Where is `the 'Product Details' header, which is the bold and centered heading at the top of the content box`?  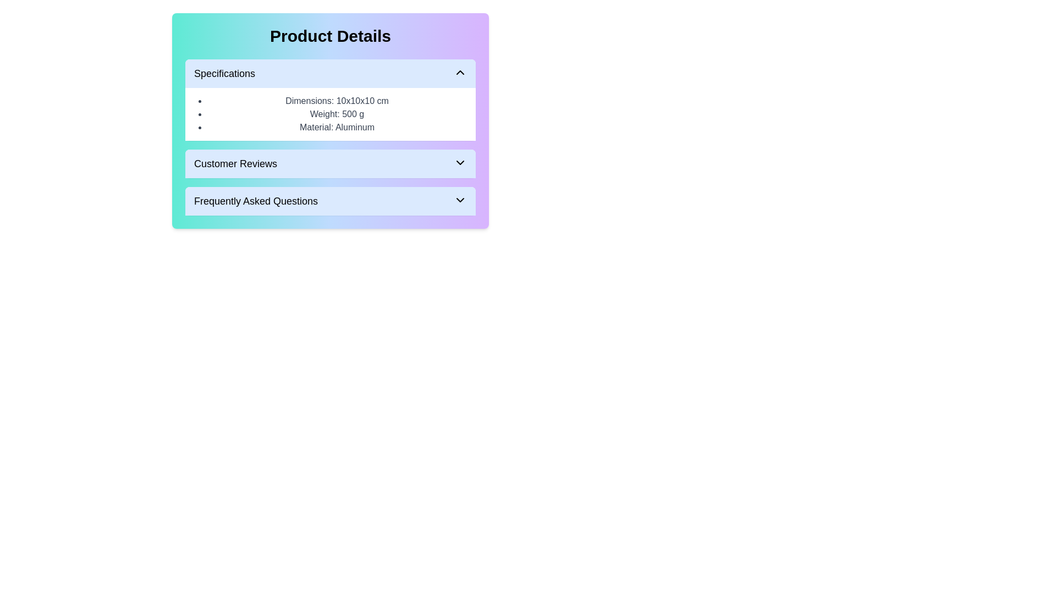 the 'Product Details' header, which is the bold and centered heading at the top of the content box is located at coordinates (329, 35).